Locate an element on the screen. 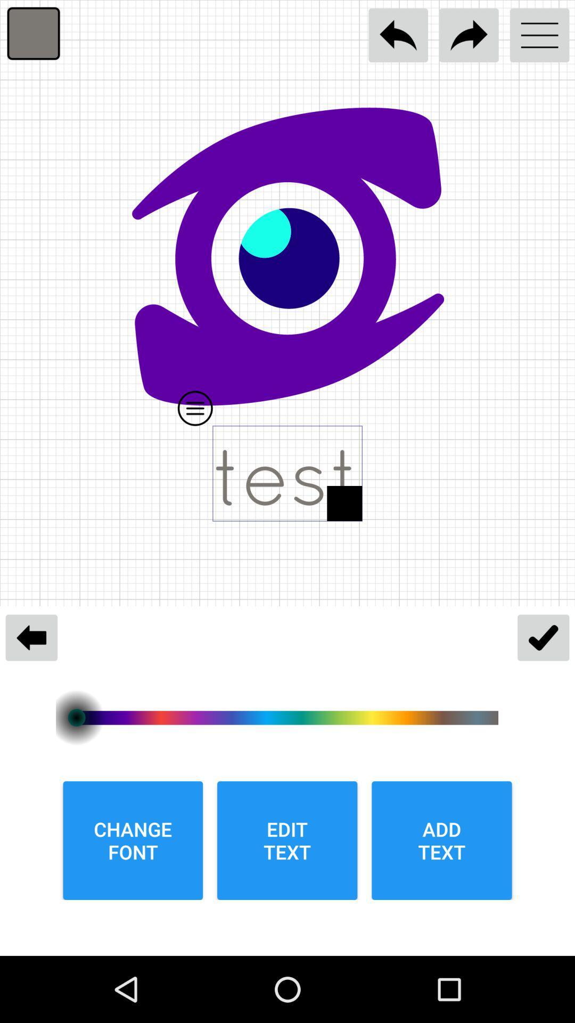 This screenshot has height=1023, width=575. the menu icon is located at coordinates (539, 35).